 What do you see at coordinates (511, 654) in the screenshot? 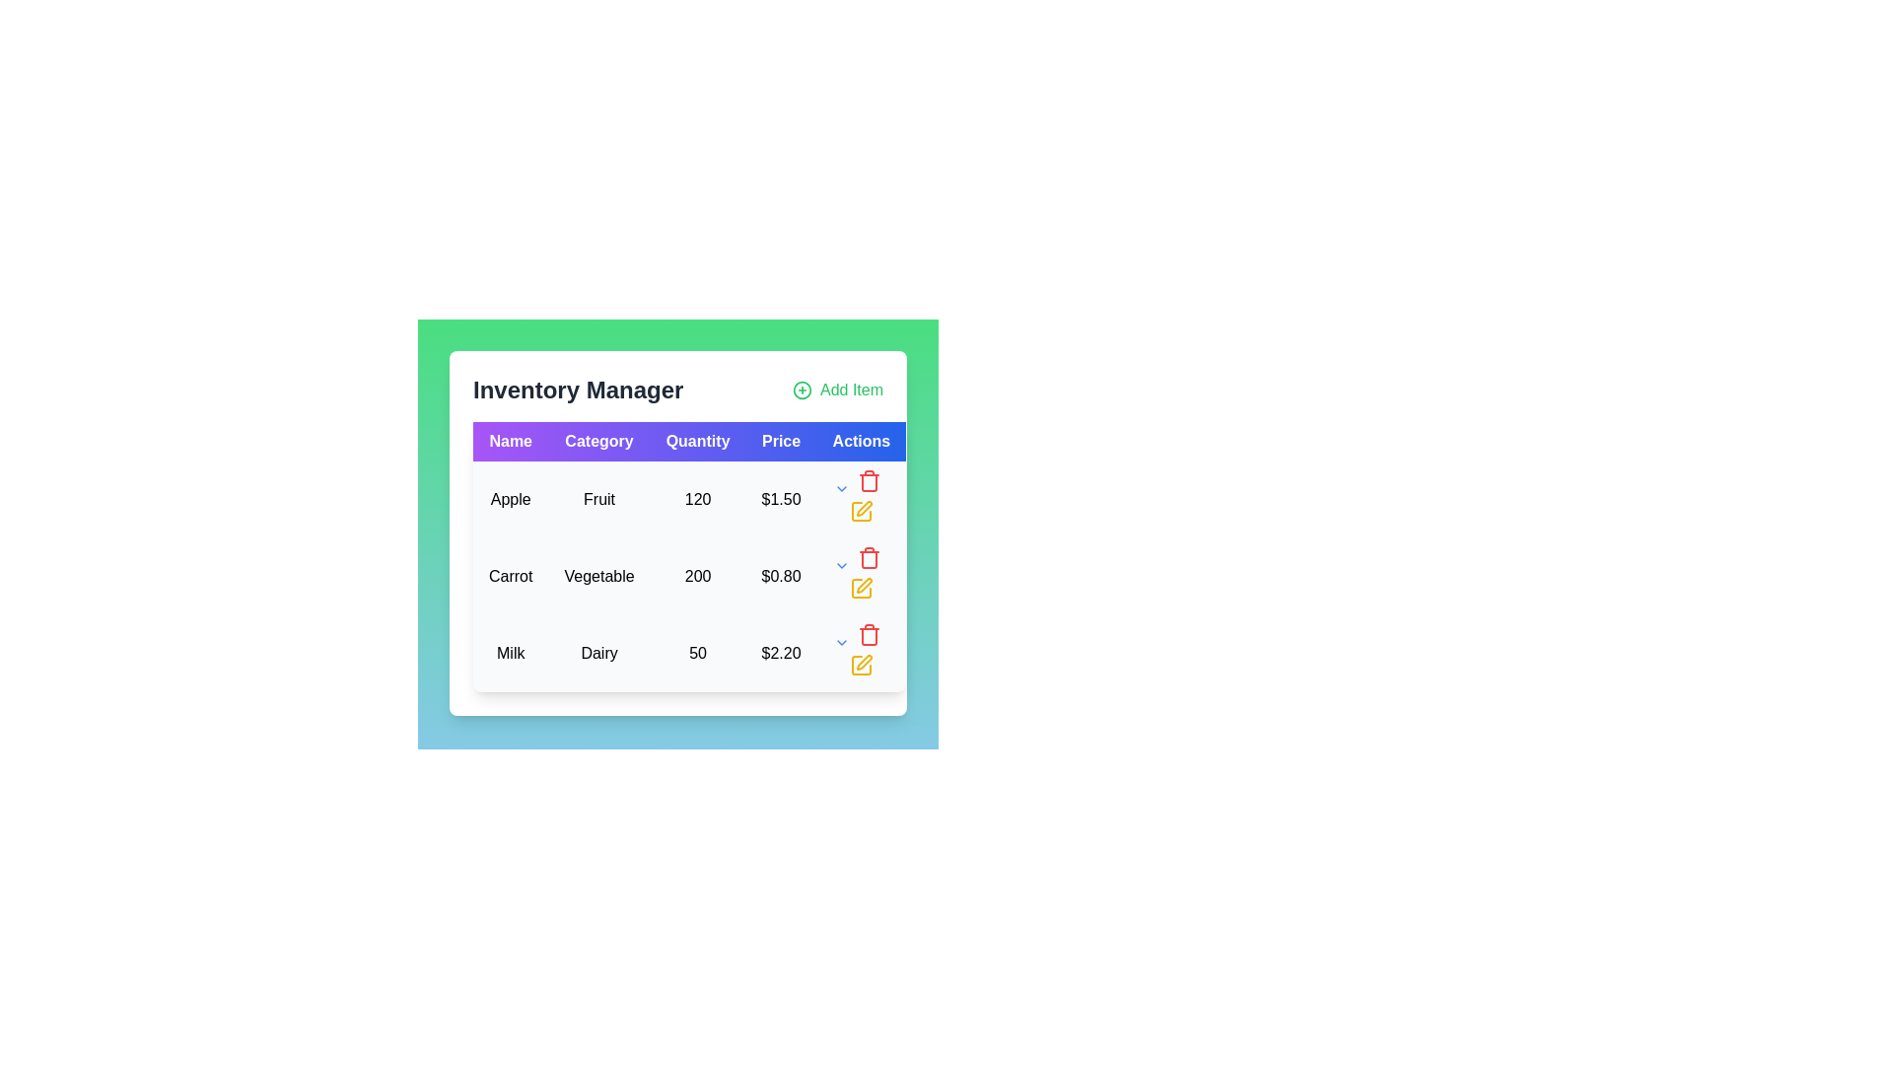
I see `text content of the table cell displaying 'Milk' in bold black color, located in the first column of the third row of the inventory table` at bounding box center [511, 654].